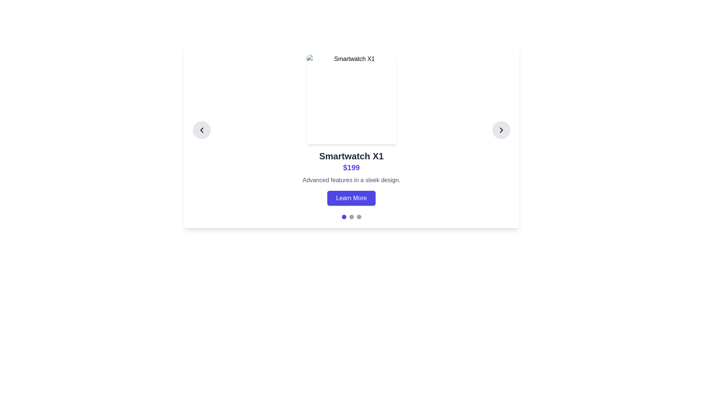  What do you see at coordinates (201, 129) in the screenshot?
I see `the left navigation button of the carousel` at bounding box center [201, 129].